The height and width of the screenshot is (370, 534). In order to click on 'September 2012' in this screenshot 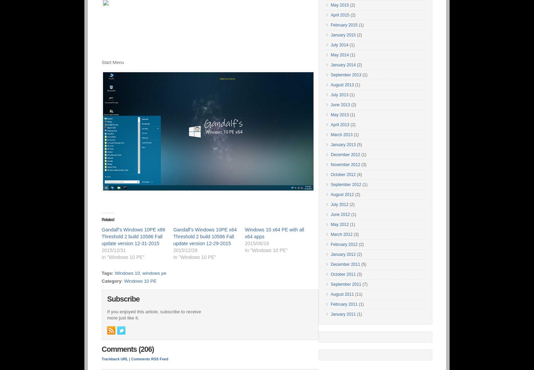, I will do `click(345, 185)`.